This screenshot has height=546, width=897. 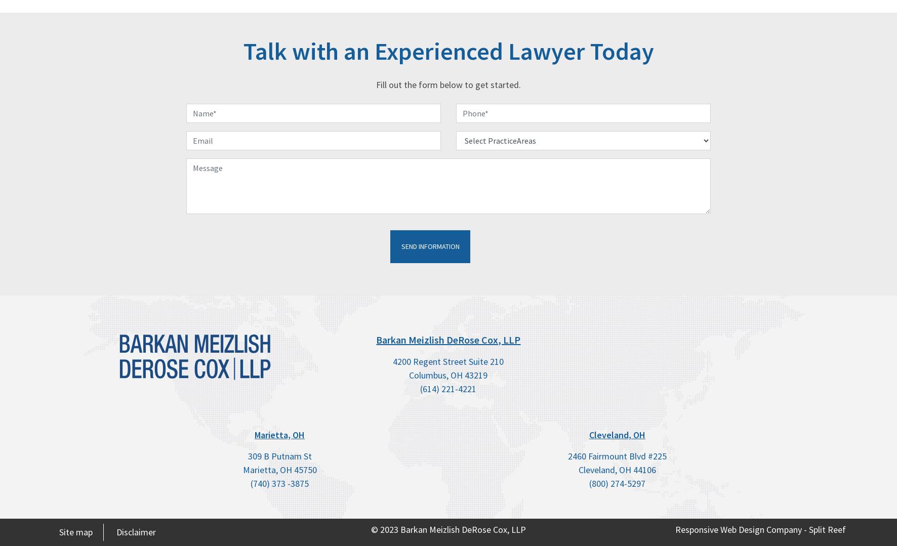 What do you see at coordinates (448, 388) in the screenshot?
I see `'(614) 221-4221'` at bounding box center [448, 388].